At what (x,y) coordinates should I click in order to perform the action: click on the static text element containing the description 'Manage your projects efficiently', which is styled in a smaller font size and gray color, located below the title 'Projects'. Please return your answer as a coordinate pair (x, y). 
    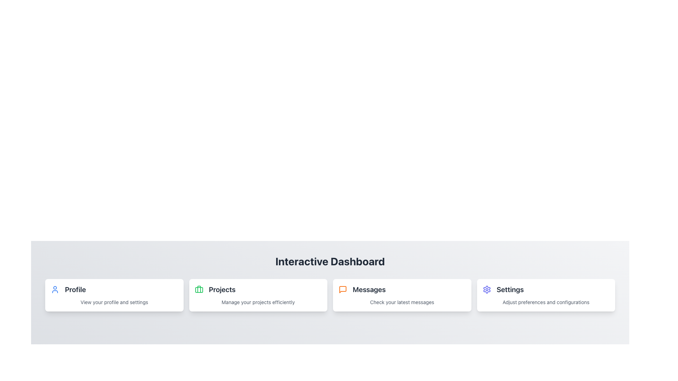
    Looking at the image, I should click on (258, 302).